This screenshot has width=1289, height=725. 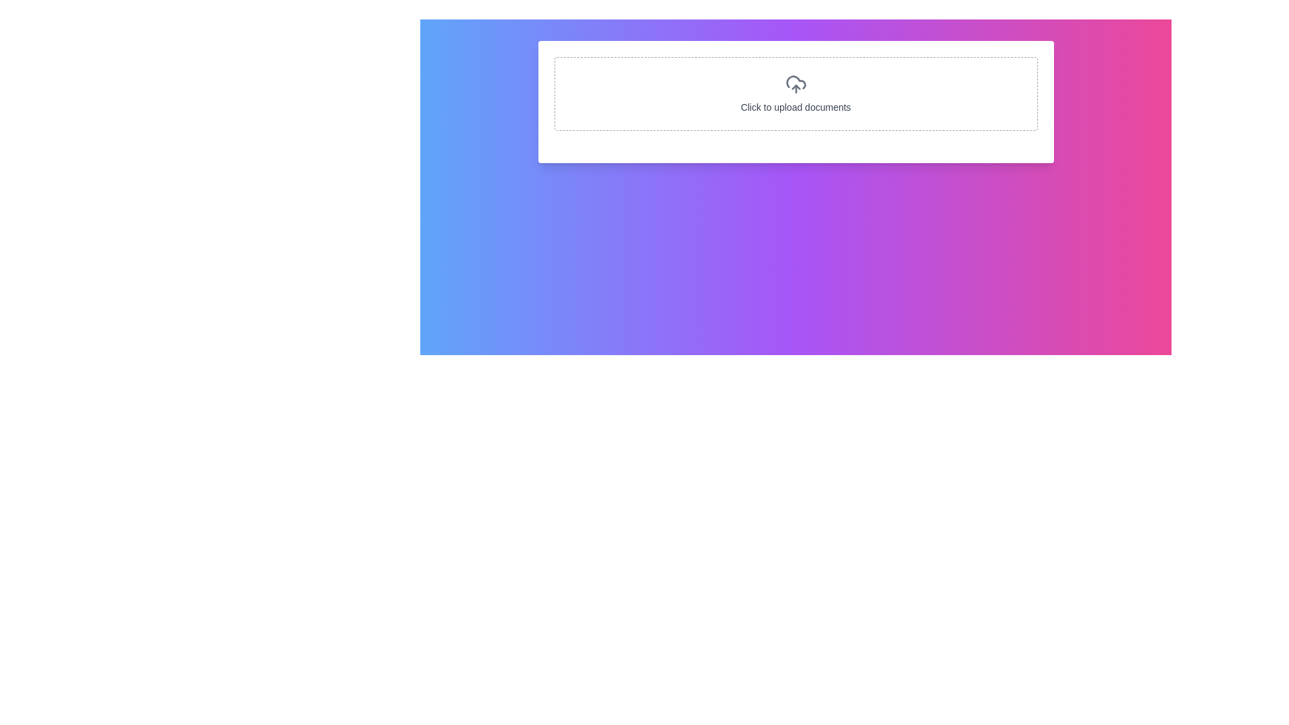 What do you see at coordinates (796, 85) in the screenshot?
I see `the SVG upload icon resembling a cloud with an upward-pointing arrow, located at the top center of the bordered rectangular area` at bounding box center [796, 85].